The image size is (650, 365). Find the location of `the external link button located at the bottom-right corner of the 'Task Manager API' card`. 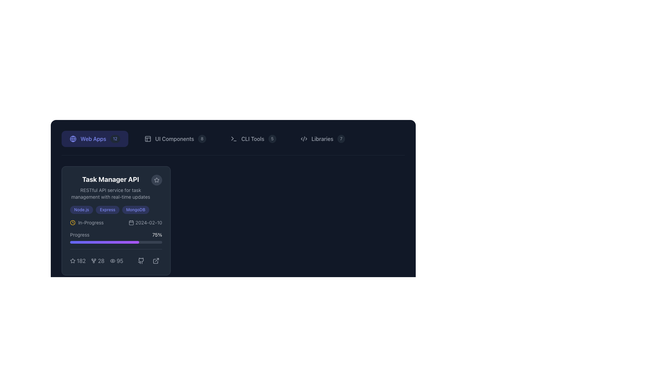

the external link button located at the bottom-right corner of the 'Task Manager API' card is located at coordinates (155, 260).